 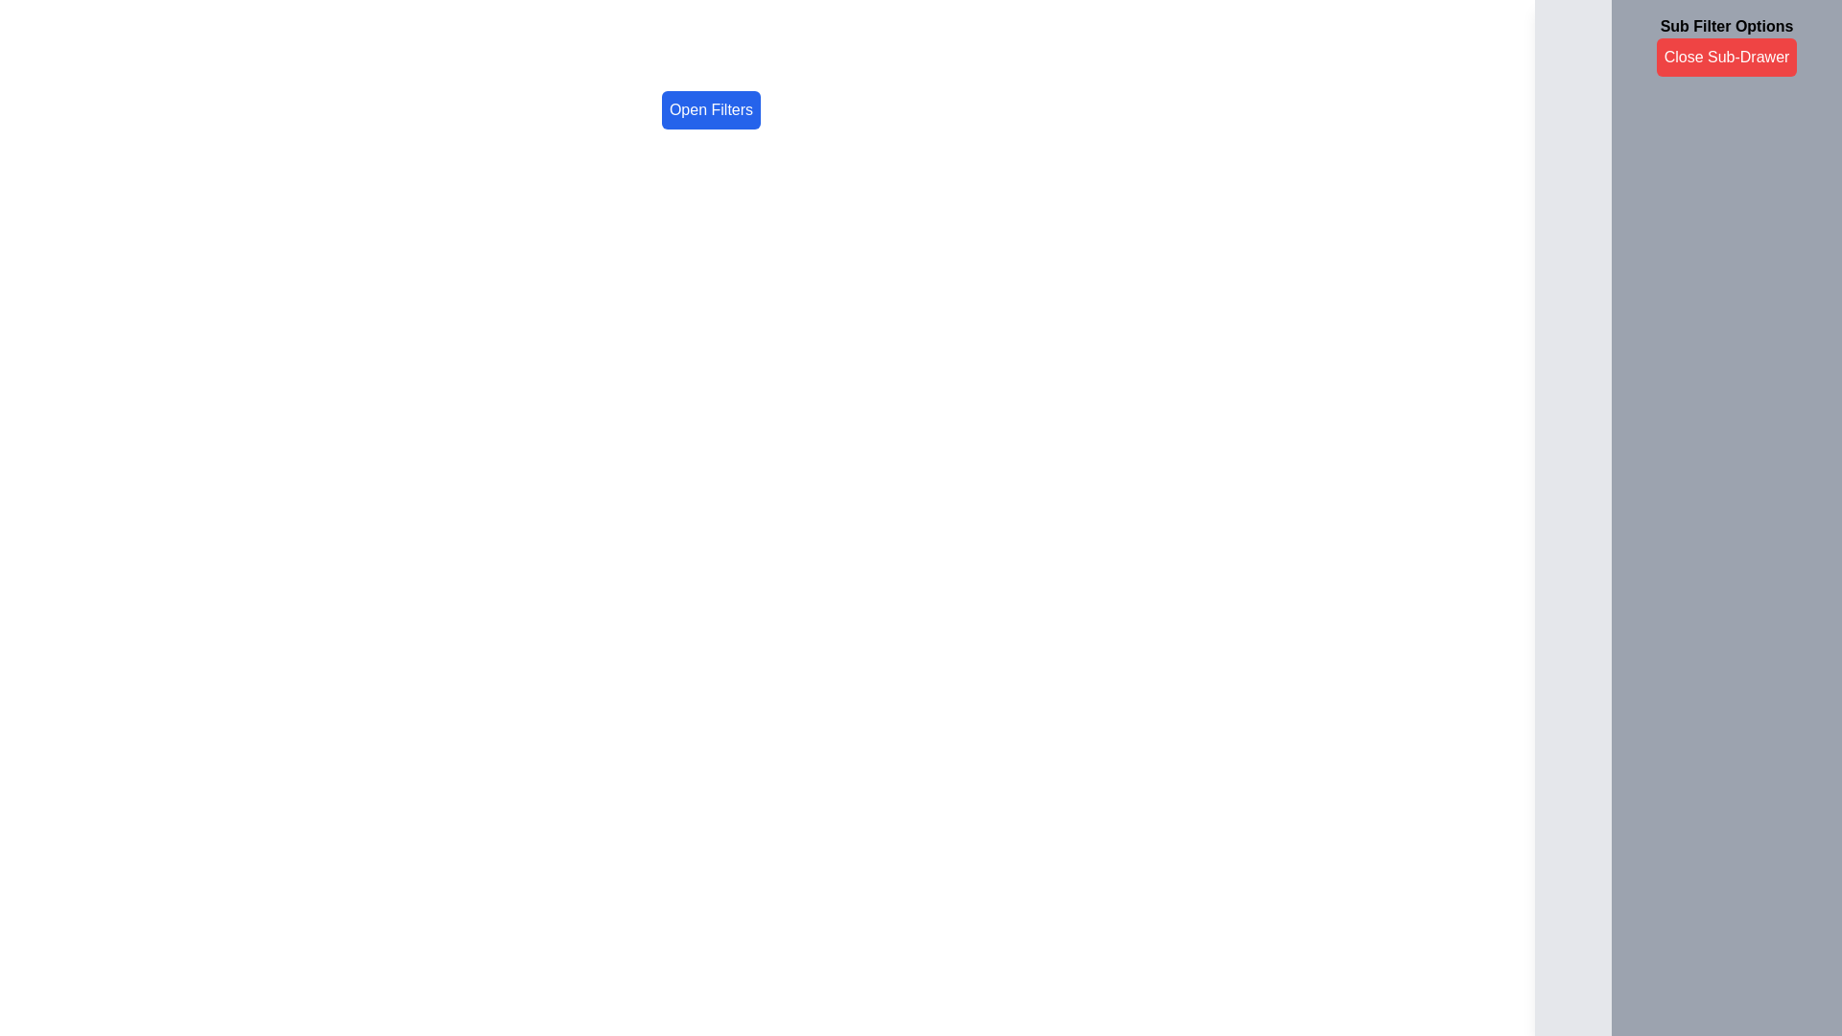 What do you see at coordinates (1688, 29) in the screenshot?
I see `the Text Label at the top of the sidebar panel, which indicates the section's purpose or content` at bounding box center [1688, 29].